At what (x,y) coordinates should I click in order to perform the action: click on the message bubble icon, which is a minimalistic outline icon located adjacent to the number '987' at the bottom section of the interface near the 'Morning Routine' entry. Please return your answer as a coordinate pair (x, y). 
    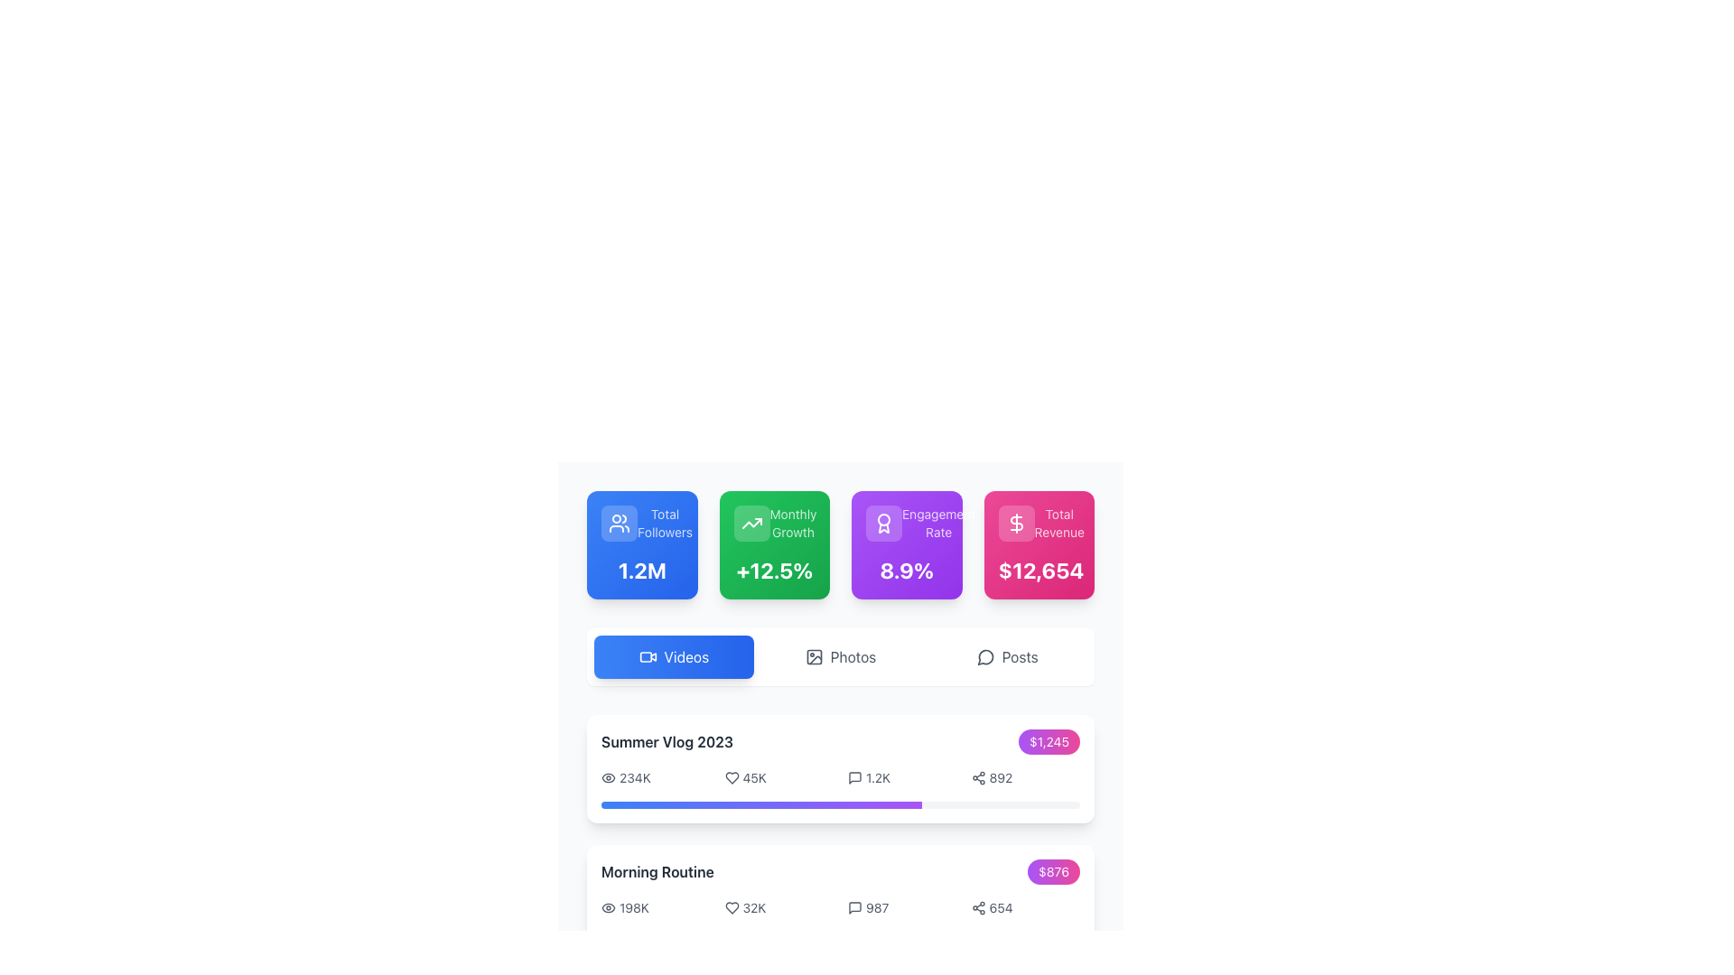
    Looking at the image, I should click on (853, 908).